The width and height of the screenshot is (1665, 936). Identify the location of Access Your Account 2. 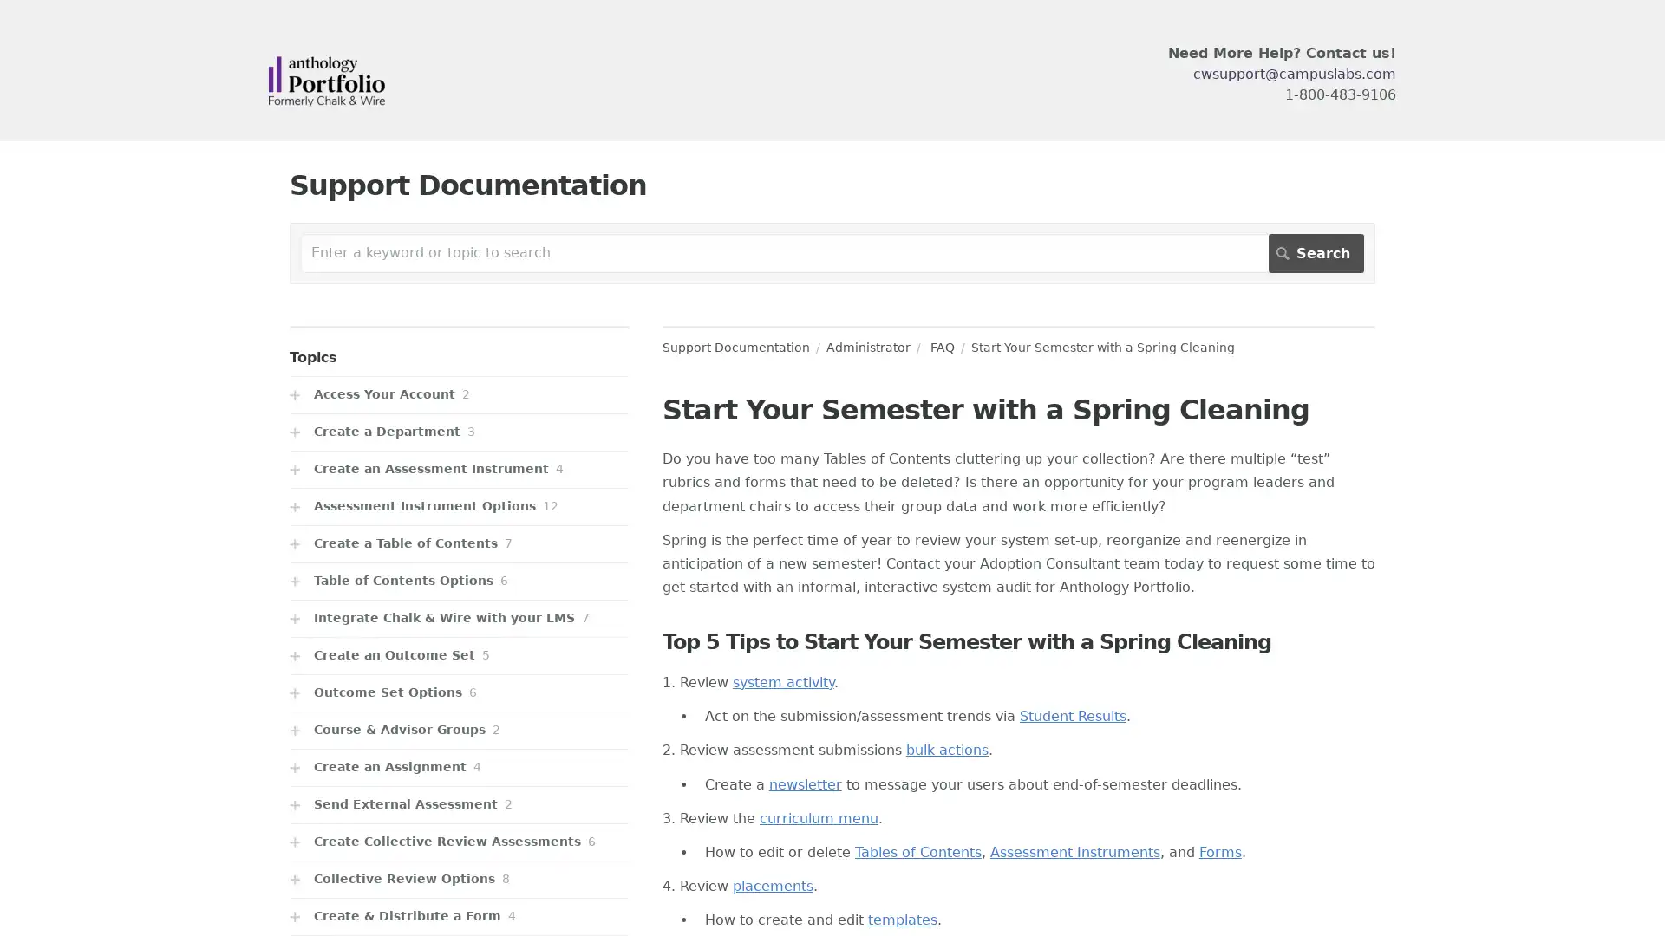
(459, 394).